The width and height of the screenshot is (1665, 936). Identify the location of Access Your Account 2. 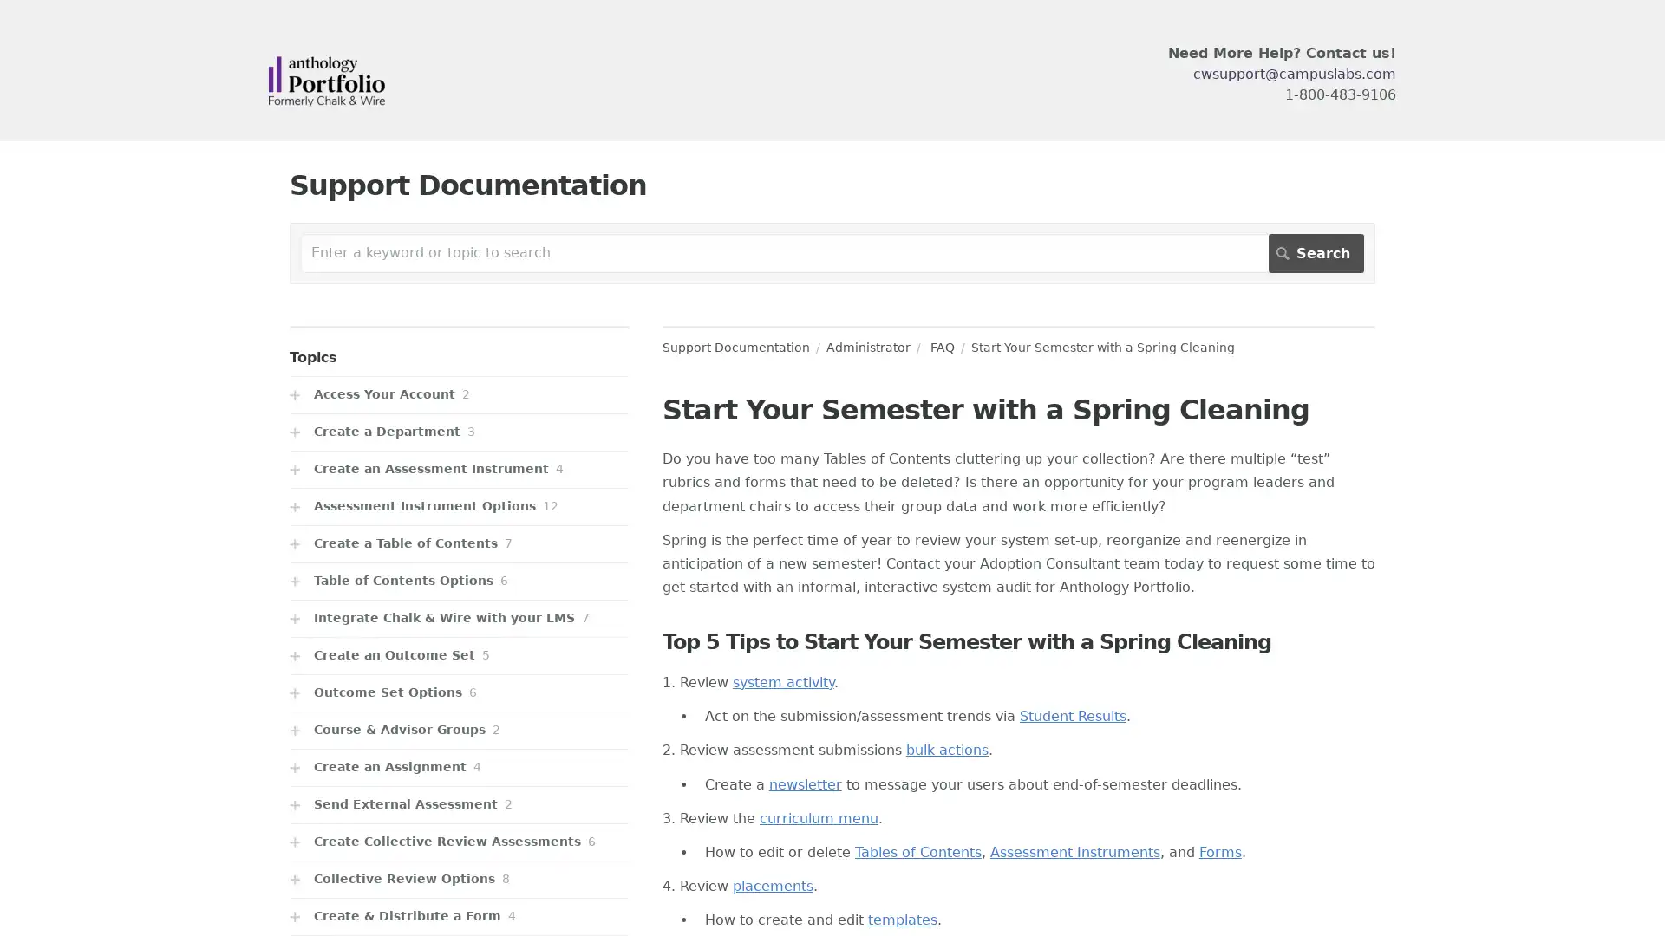
(459, 394).